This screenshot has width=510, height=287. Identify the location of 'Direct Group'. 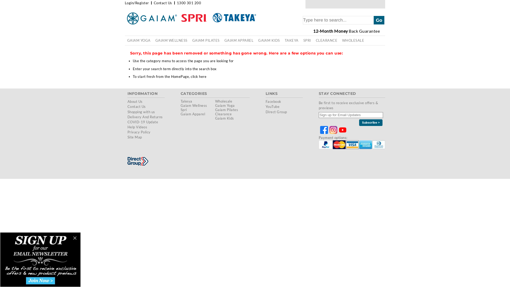
(276, 111).